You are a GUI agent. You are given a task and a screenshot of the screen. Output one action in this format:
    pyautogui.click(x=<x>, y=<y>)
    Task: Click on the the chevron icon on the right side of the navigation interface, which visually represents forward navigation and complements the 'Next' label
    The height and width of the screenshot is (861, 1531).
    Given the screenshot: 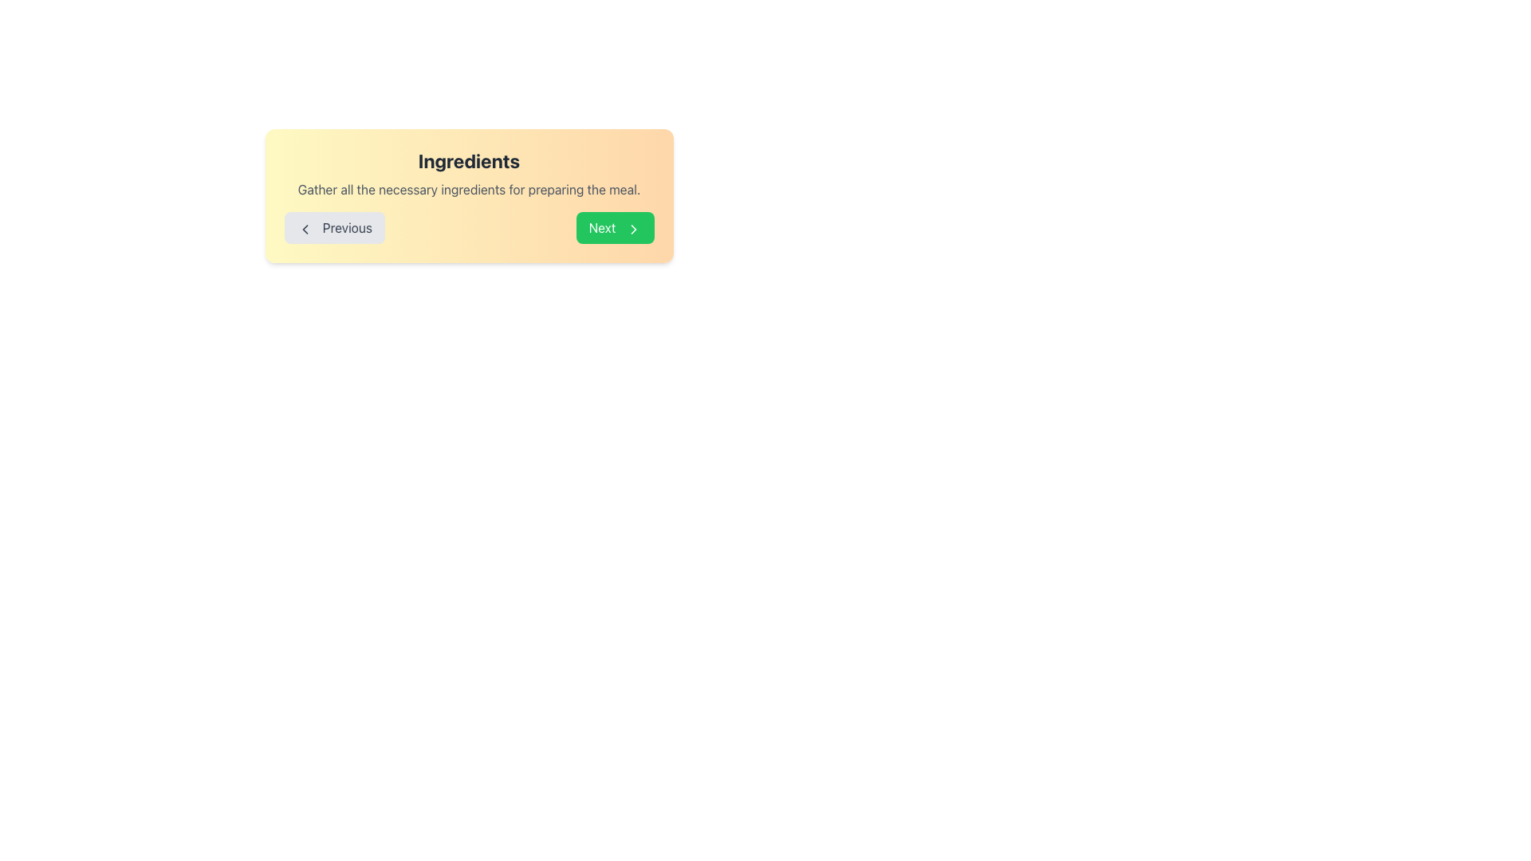 What is the action you would take?
    pyautogui.click(x=632, y=229)
    